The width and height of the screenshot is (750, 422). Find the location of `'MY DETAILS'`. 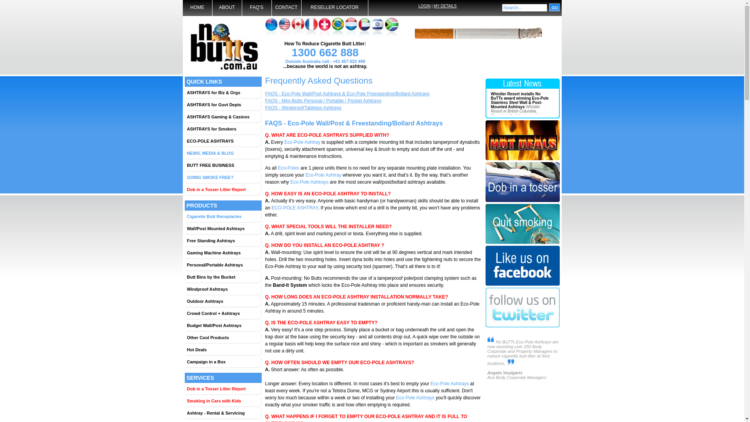

'MY DETAILS' is located at coordinates (445, 6).